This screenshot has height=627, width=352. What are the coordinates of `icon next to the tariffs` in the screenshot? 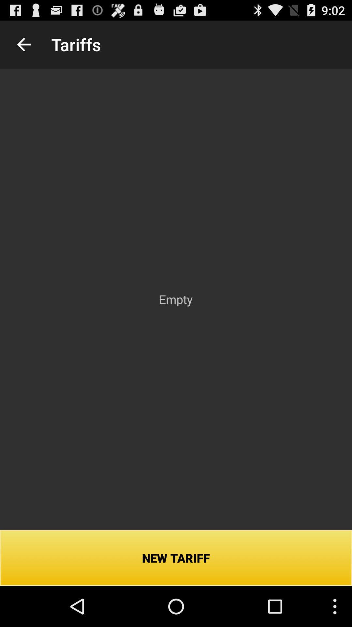 It's located at (23, 44).